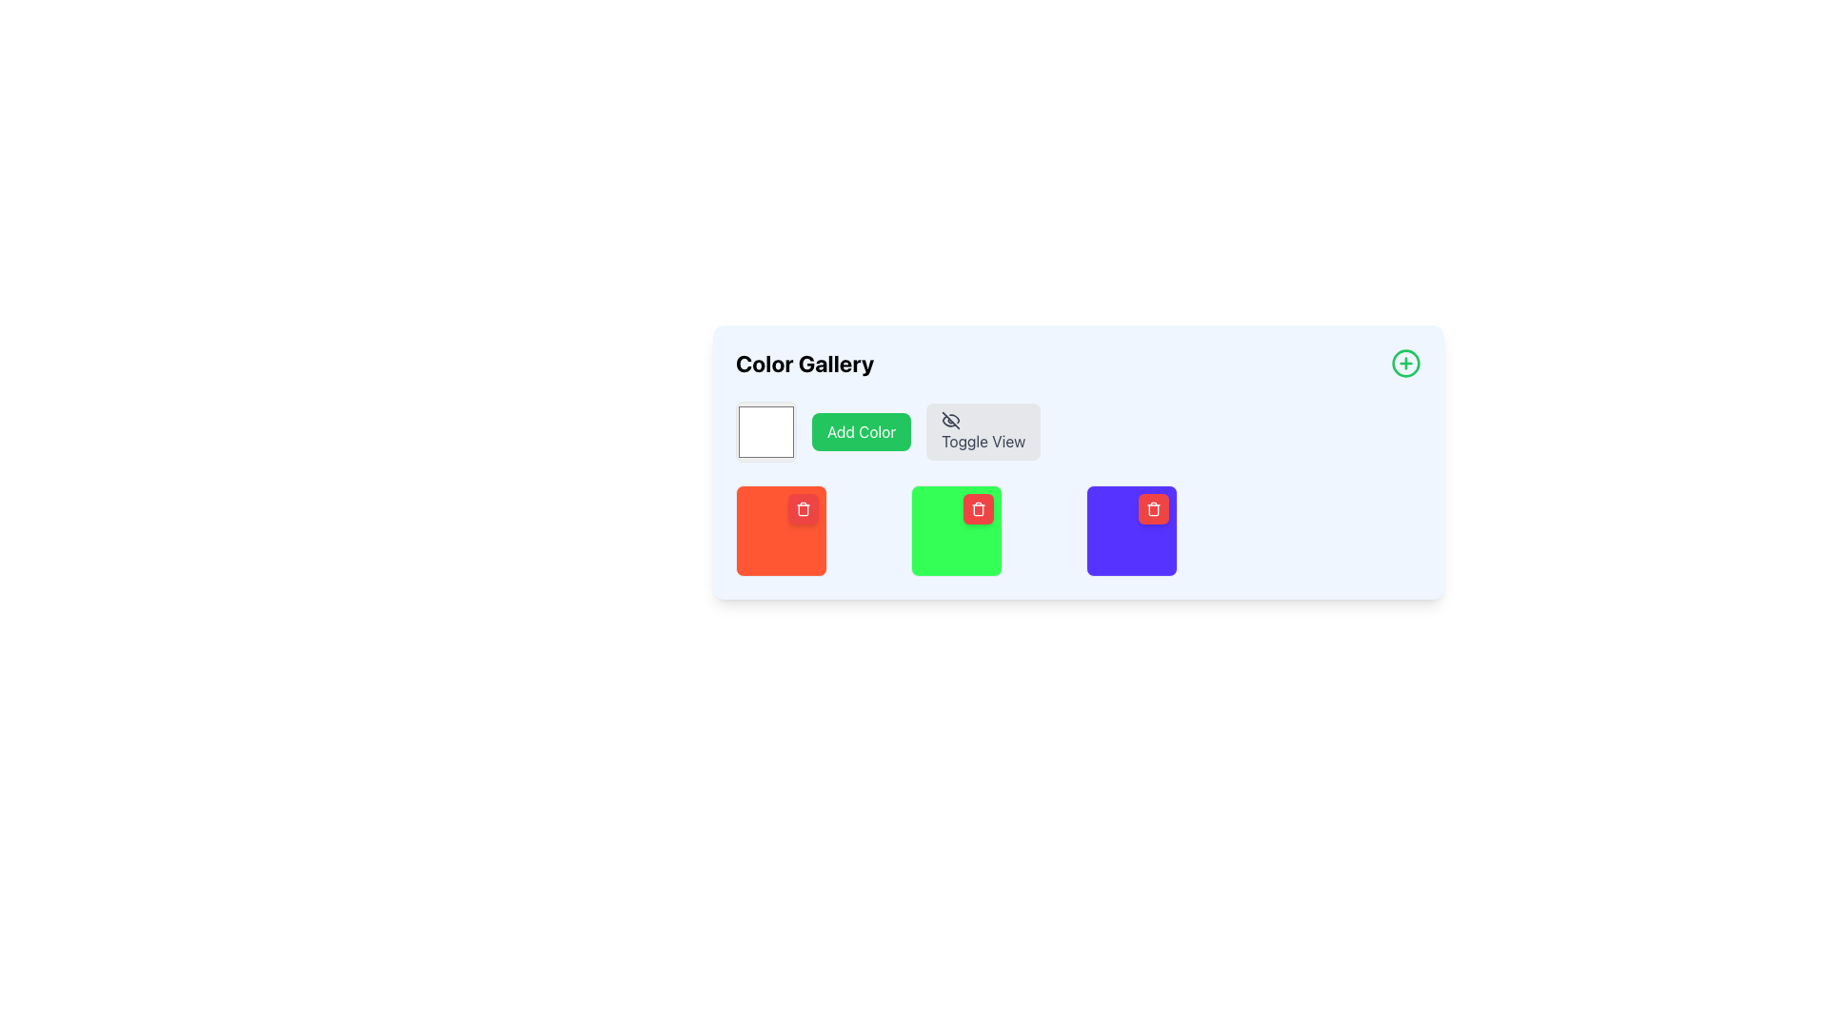  Describe the element at coordinates (804, 508) in the screenshot. I see `the delete button located at the top-right corner of the orange color square in the 'Color Gallery' section` at that location.